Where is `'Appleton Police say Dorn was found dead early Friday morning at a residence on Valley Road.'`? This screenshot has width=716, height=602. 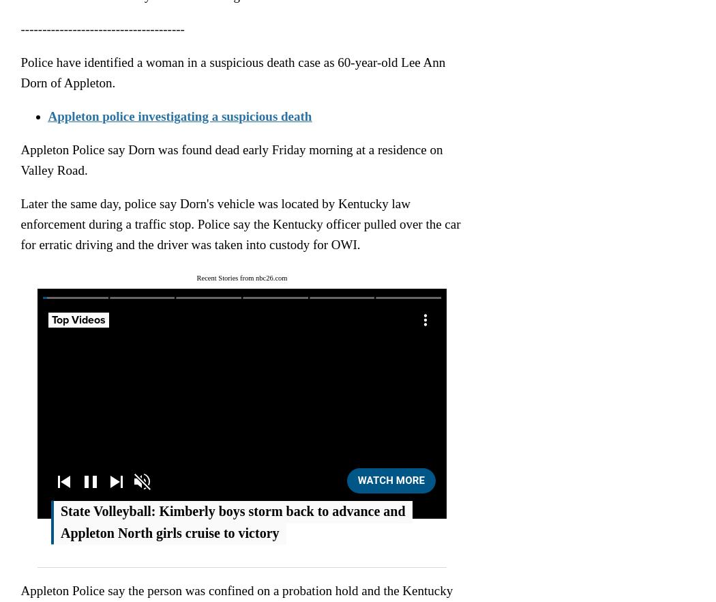
'Appleton Police say Dorn was found dead early Friday morning at a residence on Valley Road.' is located at coordinates (230, 158).